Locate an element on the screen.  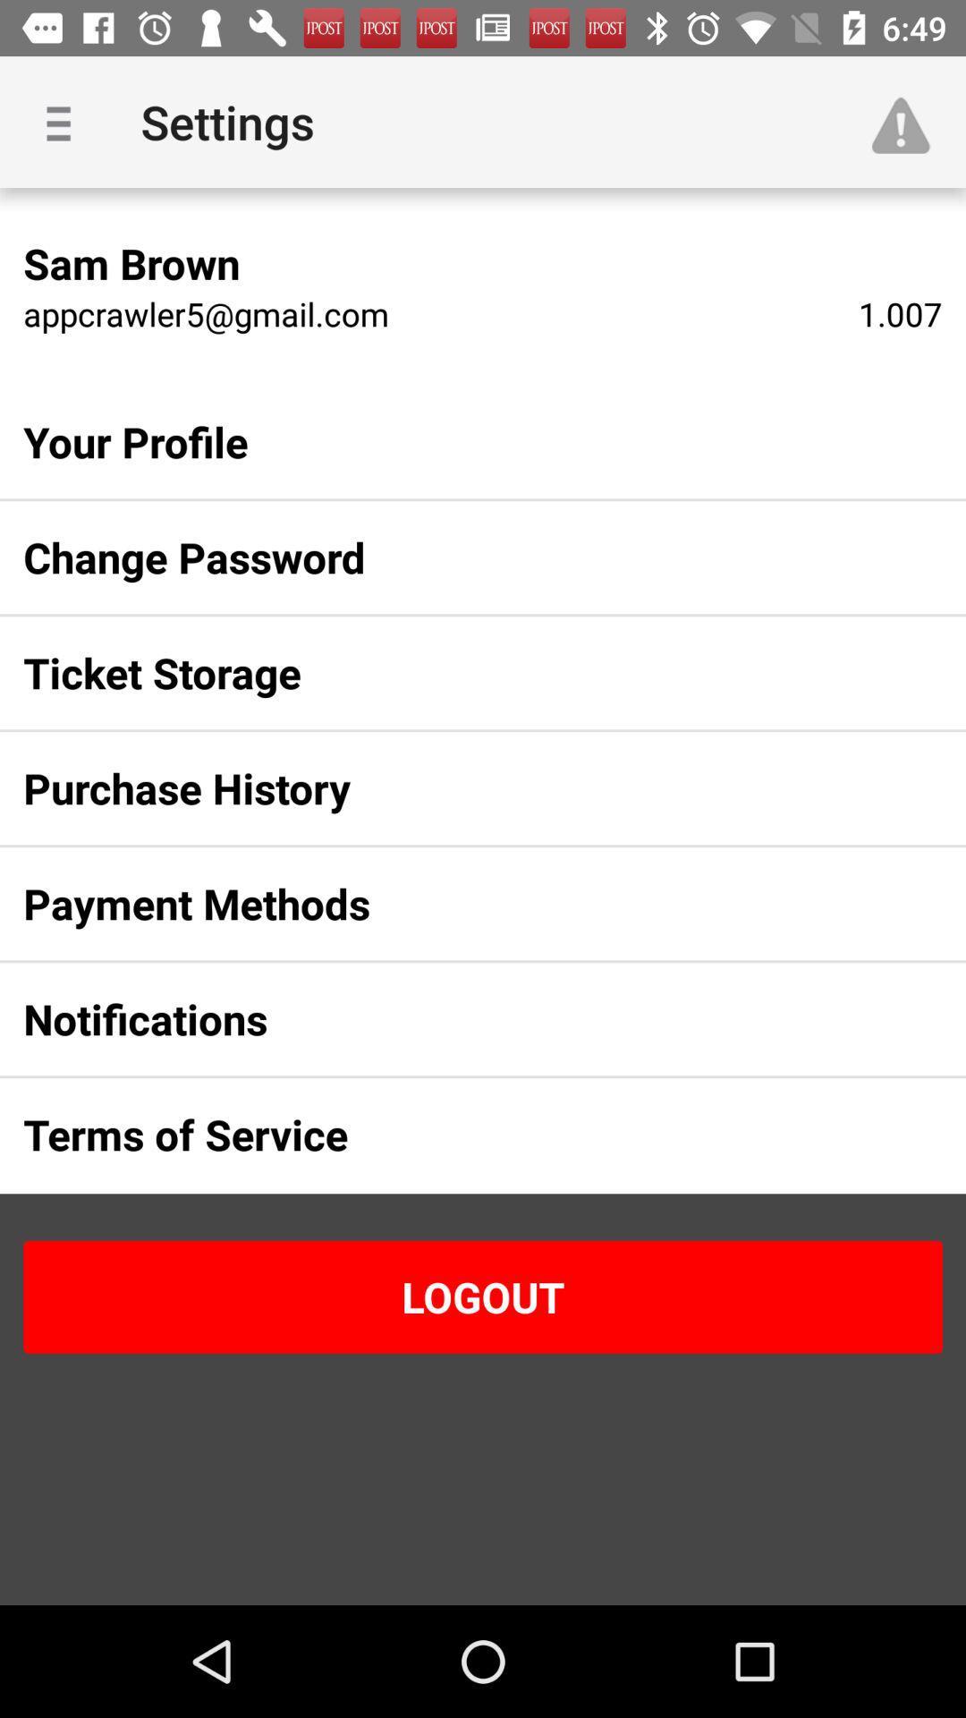
the payment methods item is located at coordinates (453, 904).